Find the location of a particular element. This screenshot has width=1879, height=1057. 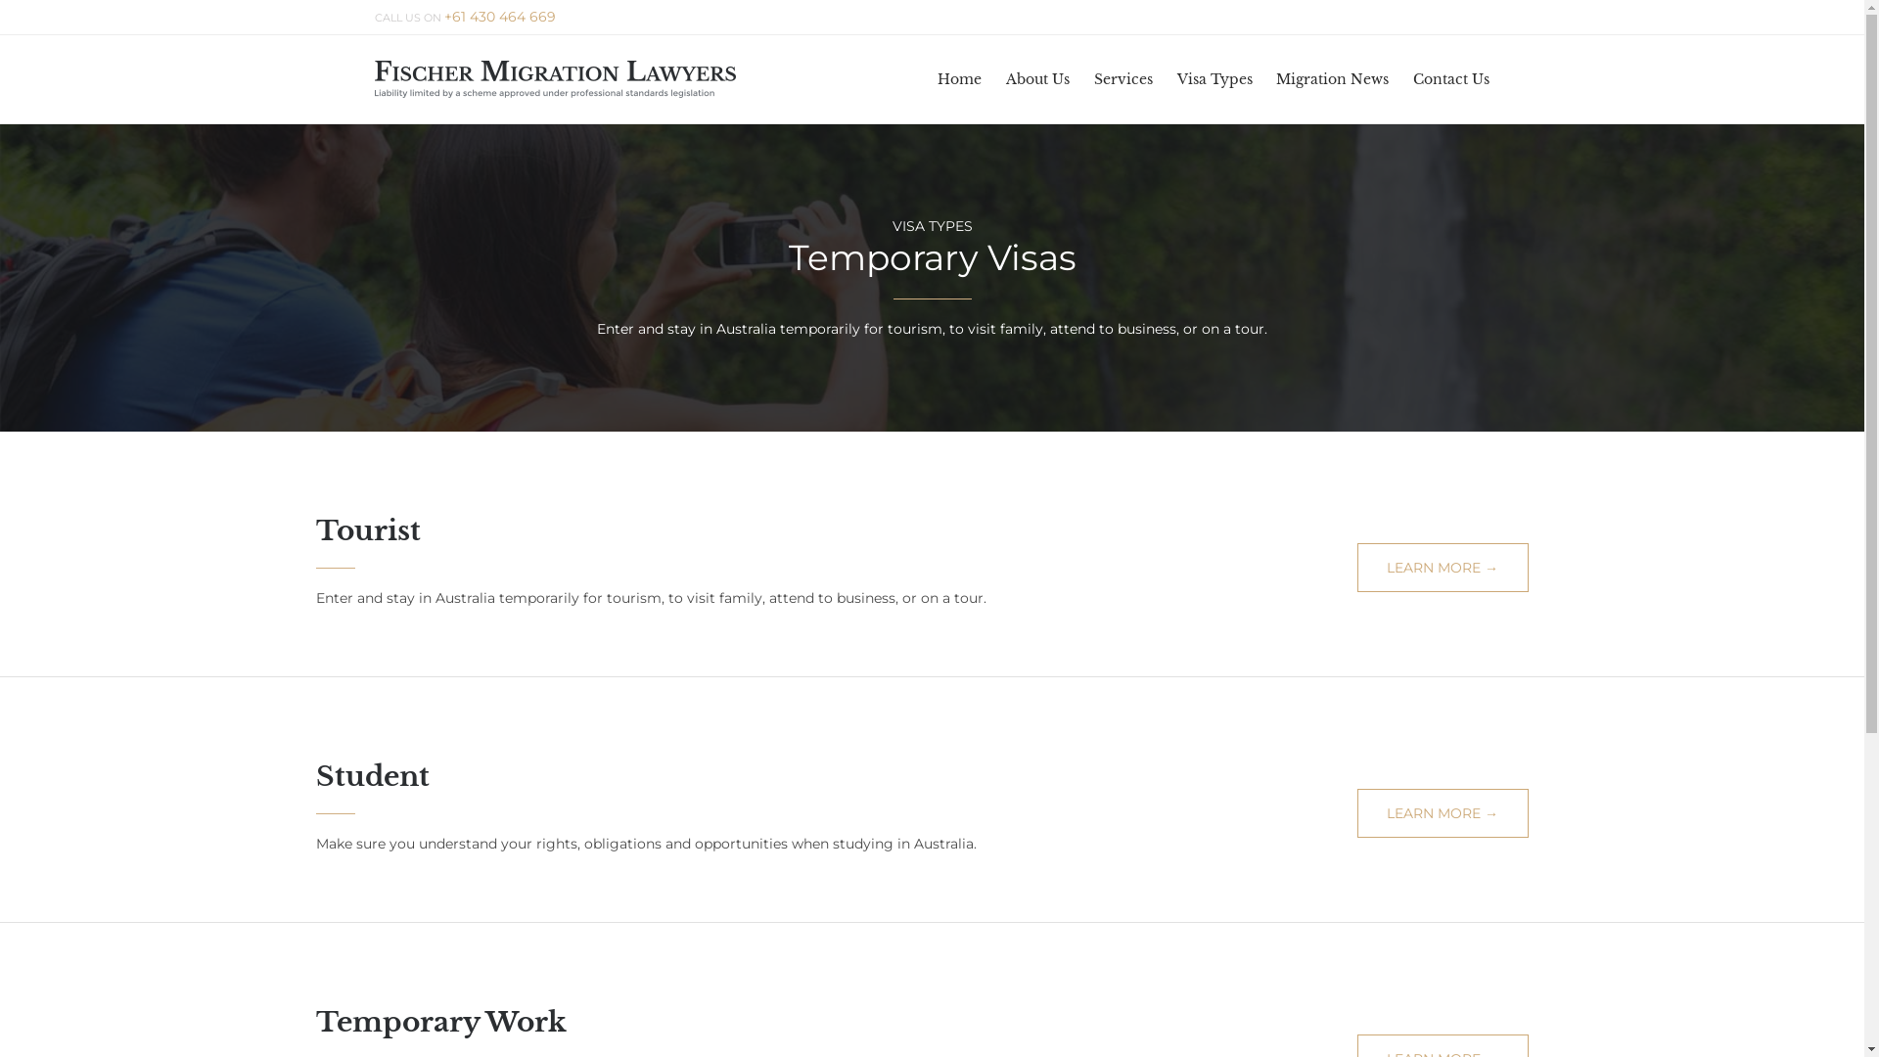

'+61 430 464 669' is located at coordinates (499, 18).